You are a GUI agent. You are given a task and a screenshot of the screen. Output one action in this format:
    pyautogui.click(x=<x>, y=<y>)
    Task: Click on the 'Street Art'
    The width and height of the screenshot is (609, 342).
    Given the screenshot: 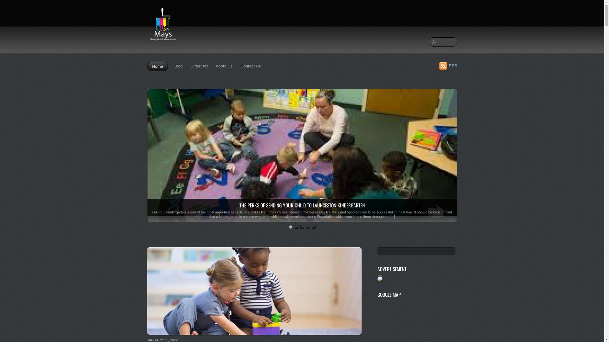 What is the action you would take?
    pyautogui.click(x=188, y=66)
    